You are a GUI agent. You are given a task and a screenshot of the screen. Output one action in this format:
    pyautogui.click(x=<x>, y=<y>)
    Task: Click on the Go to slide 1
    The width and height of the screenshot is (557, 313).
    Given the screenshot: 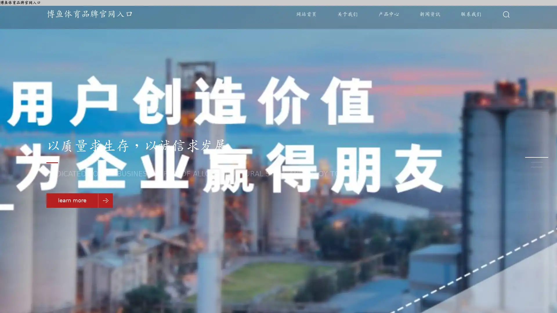 What is the action you would take?
    pyautogui.click(x=536, y=157)
    